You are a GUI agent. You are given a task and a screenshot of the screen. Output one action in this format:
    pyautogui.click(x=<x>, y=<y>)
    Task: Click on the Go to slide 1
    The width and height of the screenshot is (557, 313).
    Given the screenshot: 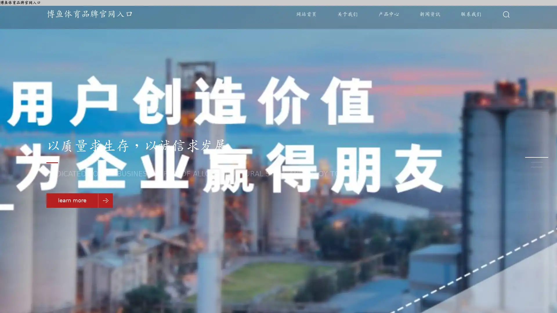 What is the action you would take?
    pyautogui.click(x=536, y=157)
    